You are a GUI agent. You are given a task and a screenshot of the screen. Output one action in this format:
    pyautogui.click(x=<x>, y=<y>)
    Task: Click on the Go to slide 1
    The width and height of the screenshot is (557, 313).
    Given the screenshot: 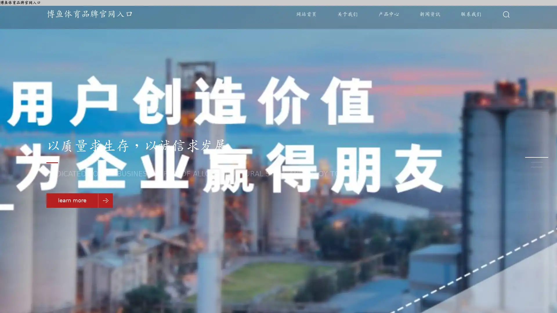 What is the action you would take?
    pyautogui.click(x=536, y=157)
    